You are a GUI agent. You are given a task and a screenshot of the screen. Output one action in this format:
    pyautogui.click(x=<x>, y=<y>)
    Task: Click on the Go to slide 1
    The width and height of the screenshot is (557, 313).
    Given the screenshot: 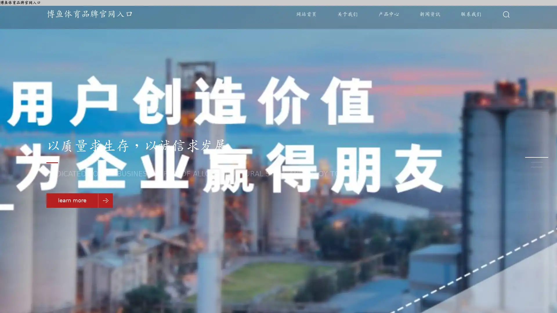 What is the action you would take?
    pyautogui.click(x=536, y=157)
    